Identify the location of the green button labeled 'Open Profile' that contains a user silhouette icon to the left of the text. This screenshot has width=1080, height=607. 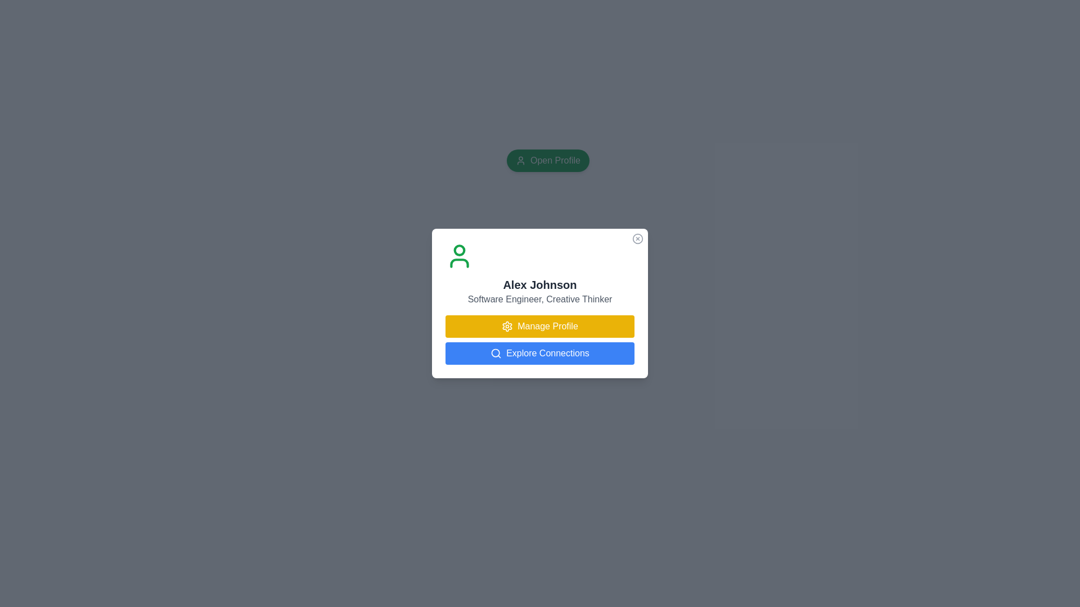
(520, 160).